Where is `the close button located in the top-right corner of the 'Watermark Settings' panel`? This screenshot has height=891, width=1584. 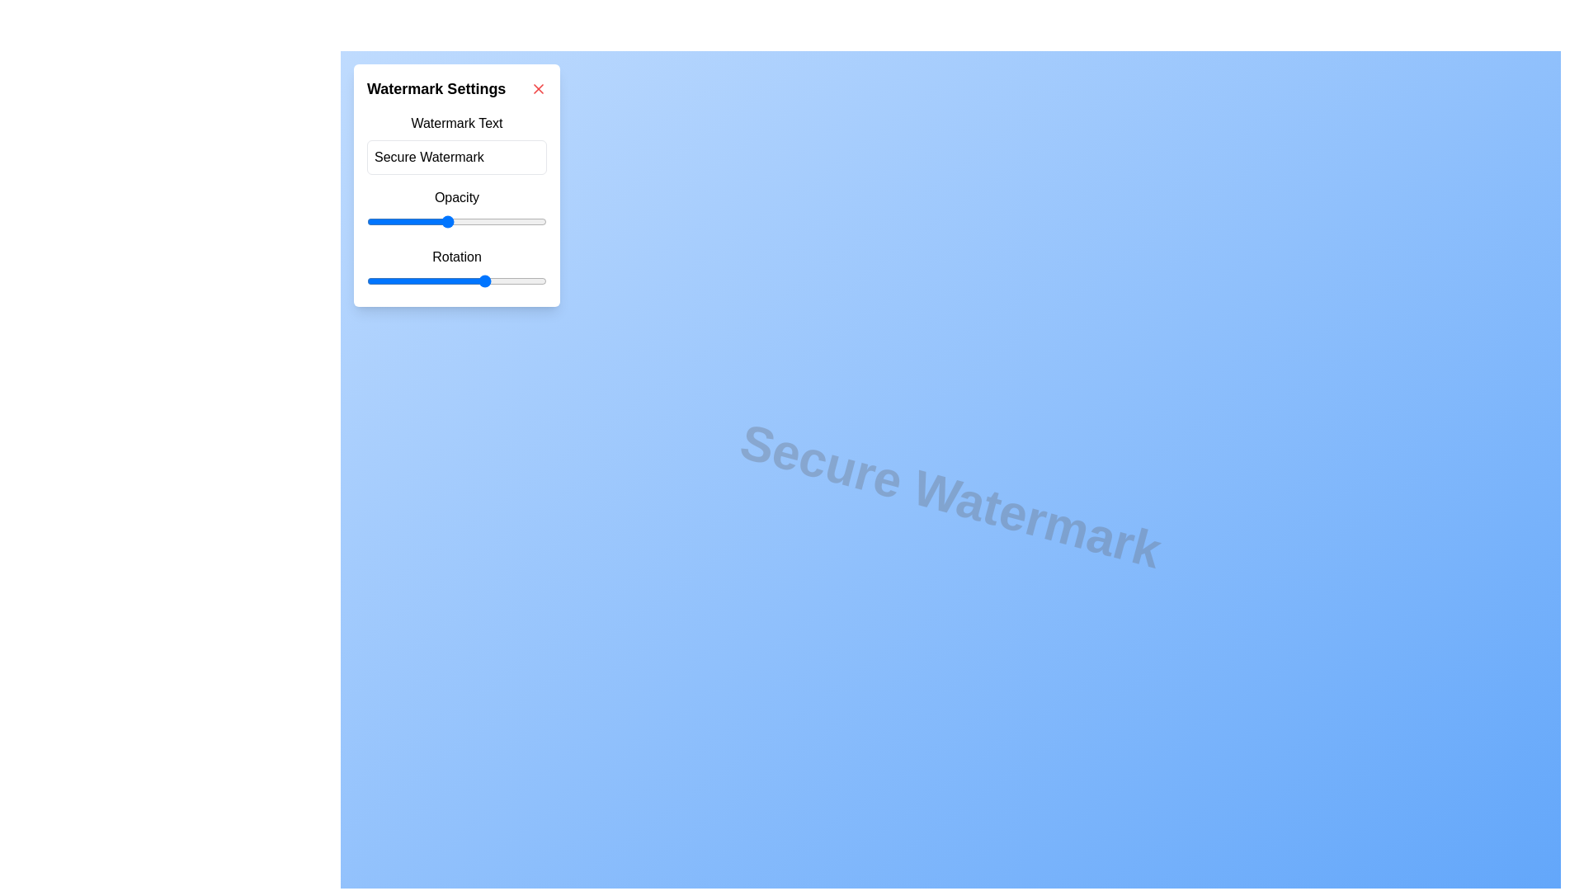 the close button located in the top-right corner of the 'Watermark Settings' panel is located at coordinates (538, 89).